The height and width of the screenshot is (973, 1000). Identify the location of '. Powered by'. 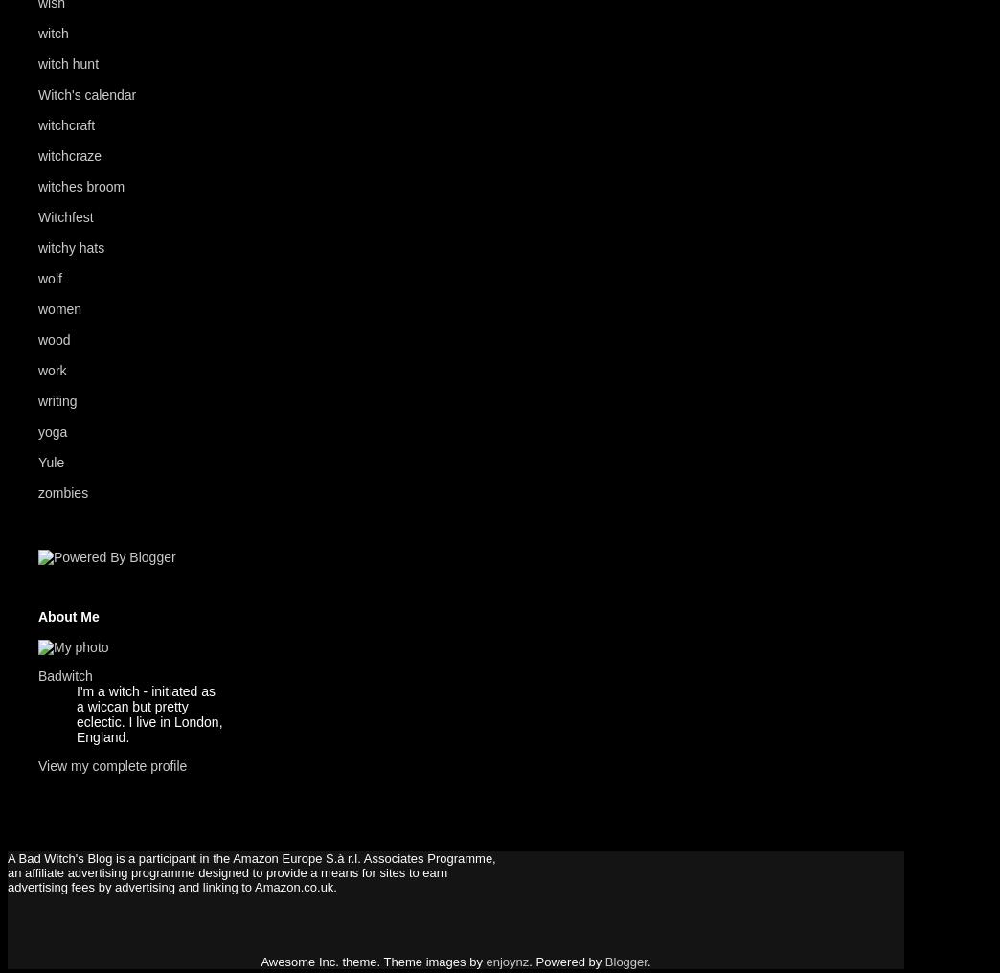
(527, 961).